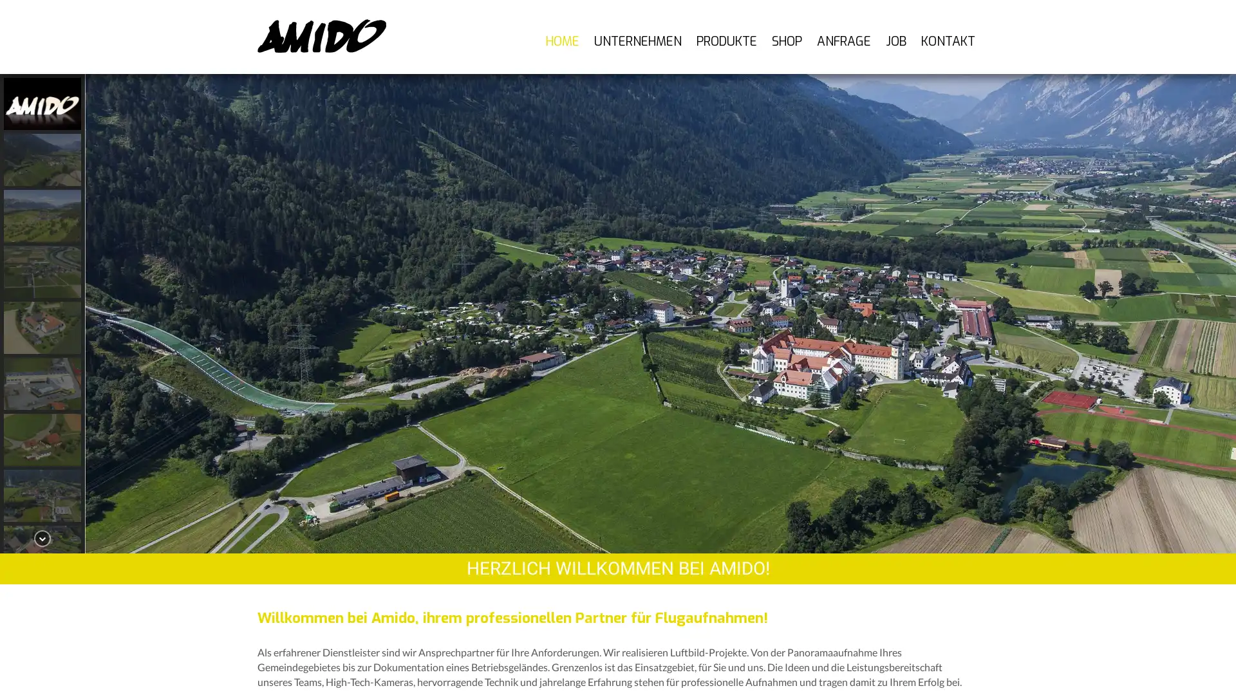 This screenshot has width=1236, height=695. What do you see at coordinates (42, 159) in the screenshot?
I see `Thumbnail 1 - copy` at bounding box center [42, 159].